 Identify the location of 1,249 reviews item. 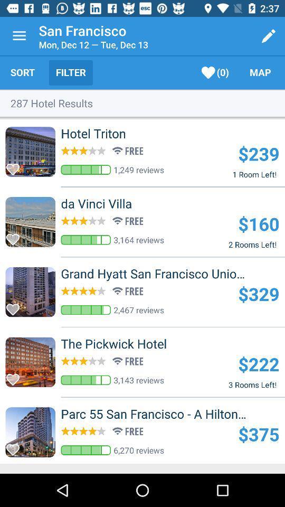
(139, 170).